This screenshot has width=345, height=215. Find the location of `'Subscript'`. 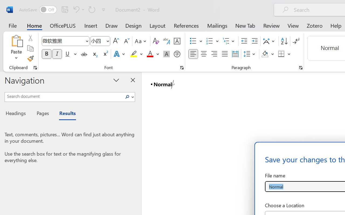

'Subscript' is located at coordinates (94, 54).